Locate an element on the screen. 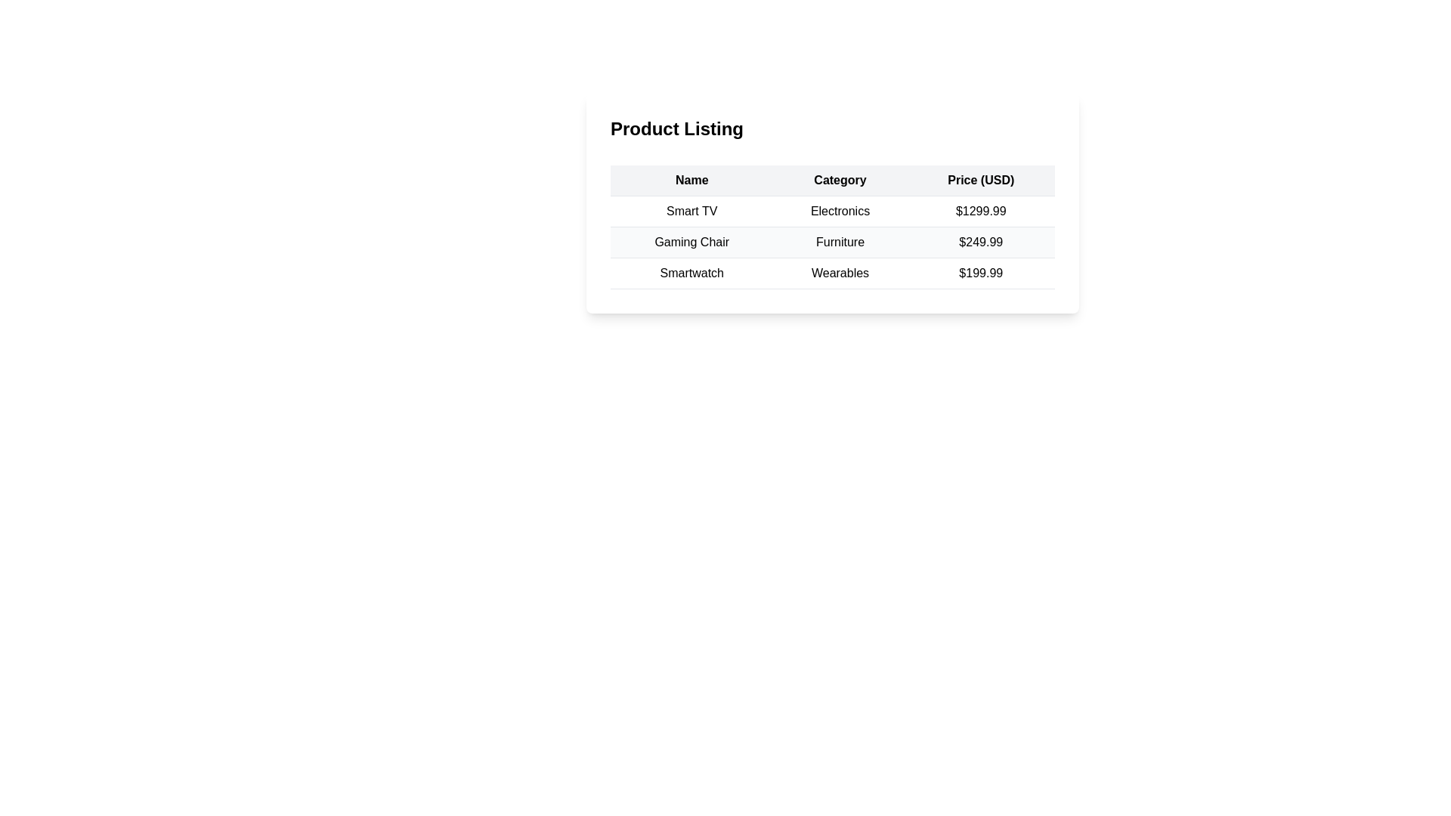 This screenshot has width=1451, height=816. text label that represents the name of the product in the first cell of the third row under the 'Name' header, located to the left of 'Wearables' and '$199.99' is located at coordinates (691, 274).